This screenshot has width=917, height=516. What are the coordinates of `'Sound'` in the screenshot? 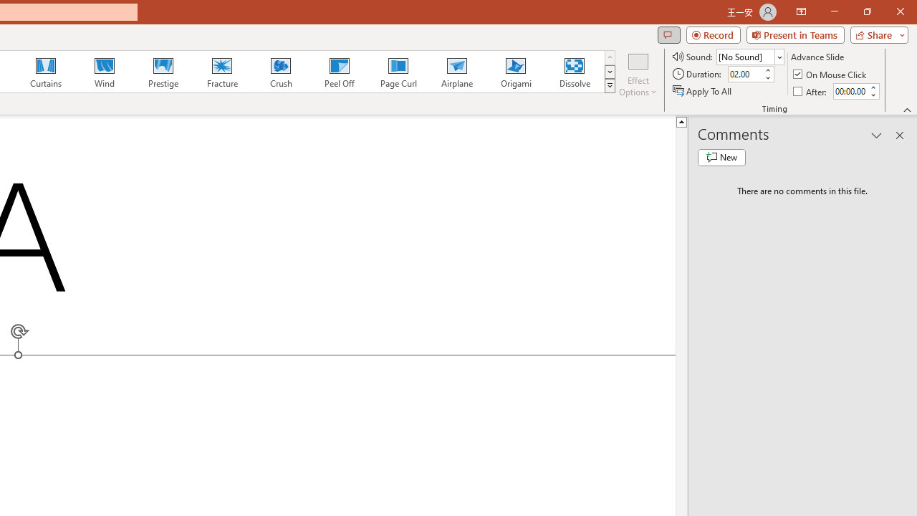 It's located at (749, 56).